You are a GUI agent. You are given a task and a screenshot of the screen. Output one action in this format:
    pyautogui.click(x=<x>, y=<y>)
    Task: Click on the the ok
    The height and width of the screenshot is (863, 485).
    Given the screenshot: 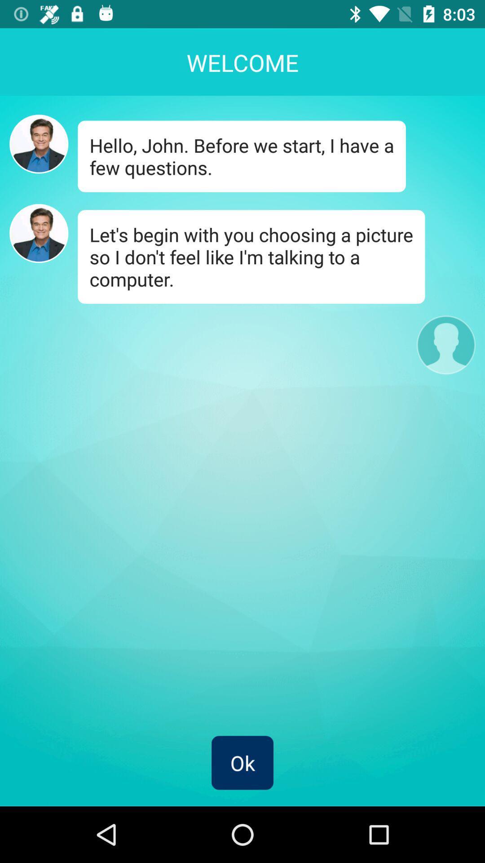 What is the action you would take?
    pyautogui.click(x=242, y=762)
    